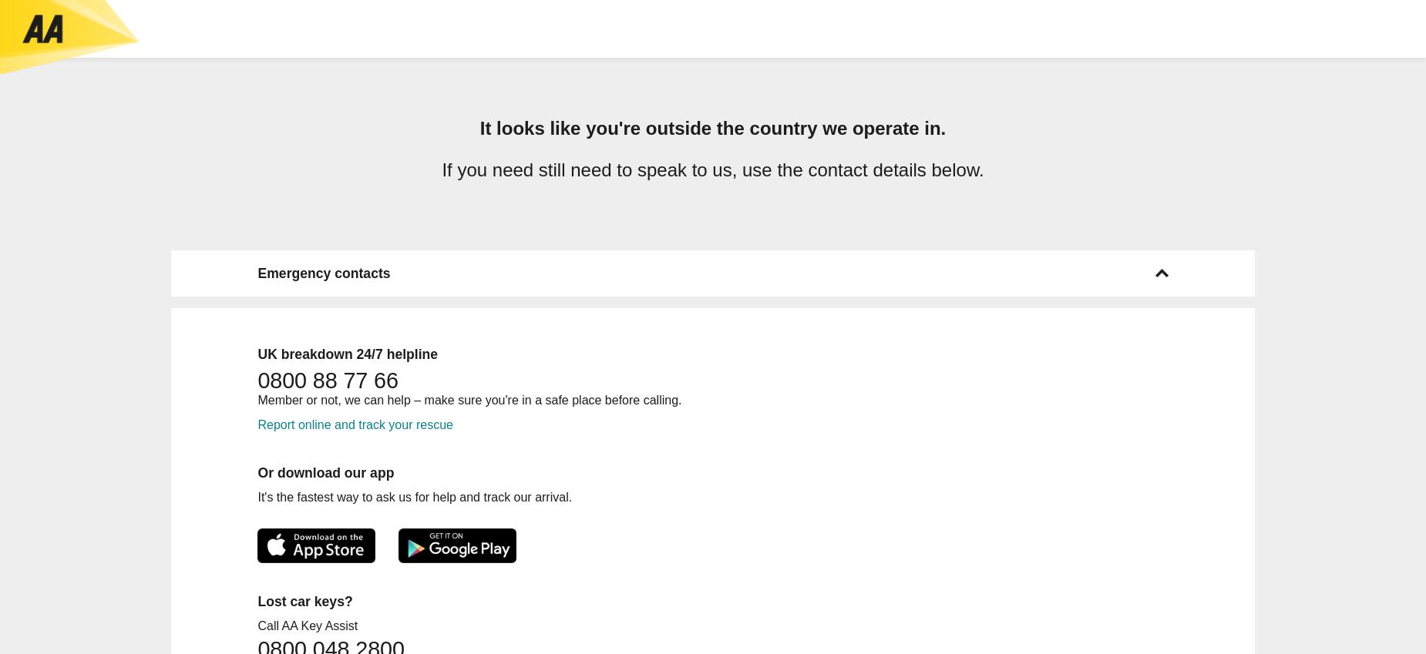 The image size is (1426, 654). Describe the element at coordinates (256, 625) in the screenshot. I see `'Call AA Key Assist'` at that location.